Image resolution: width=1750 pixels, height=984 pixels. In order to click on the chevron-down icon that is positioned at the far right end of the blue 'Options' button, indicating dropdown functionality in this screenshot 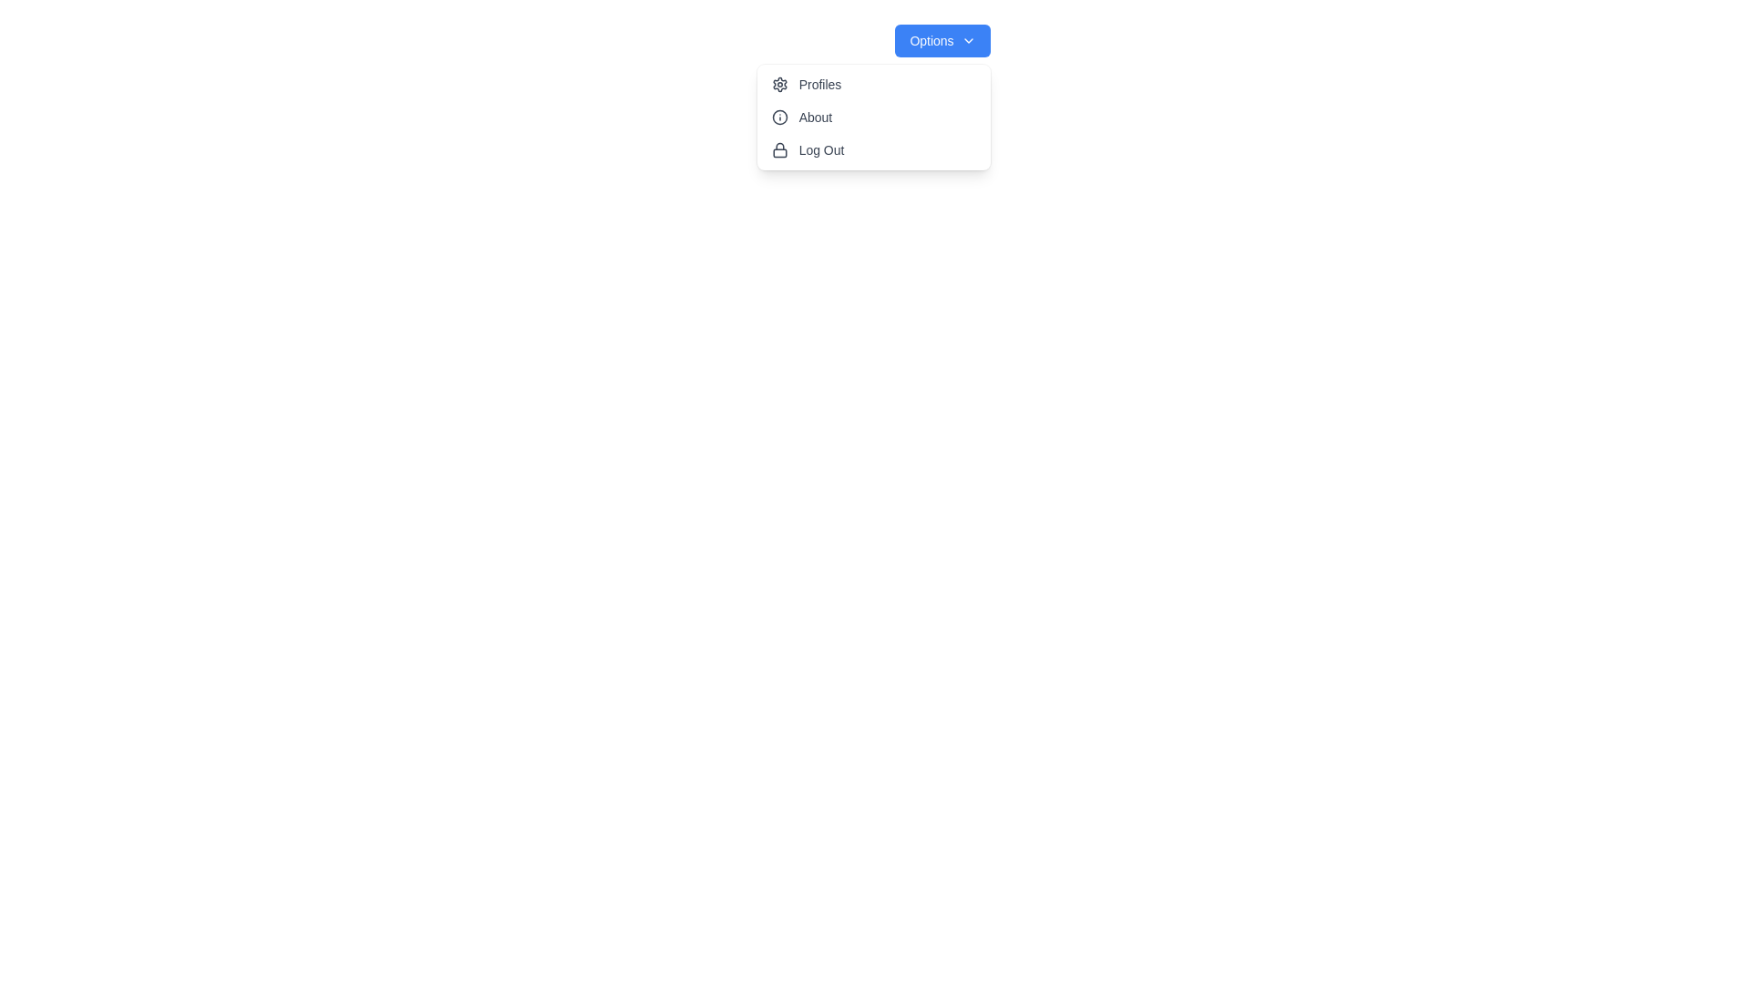, I will do `click(967, 41)`.